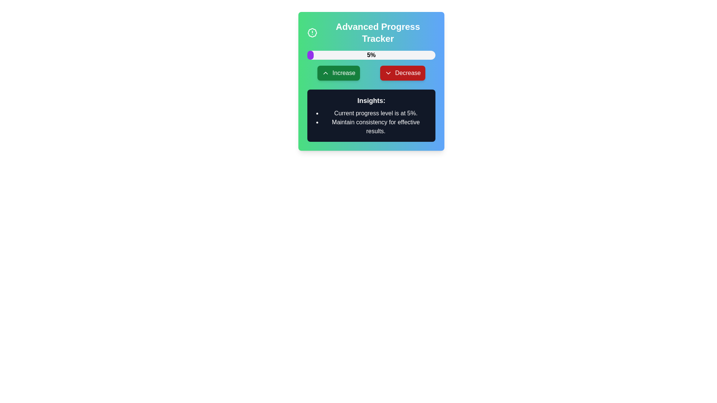  I want to click on the 'Decrease' button in the Button Group to decrease the value associated with the progress bar above, so click(371, 73).